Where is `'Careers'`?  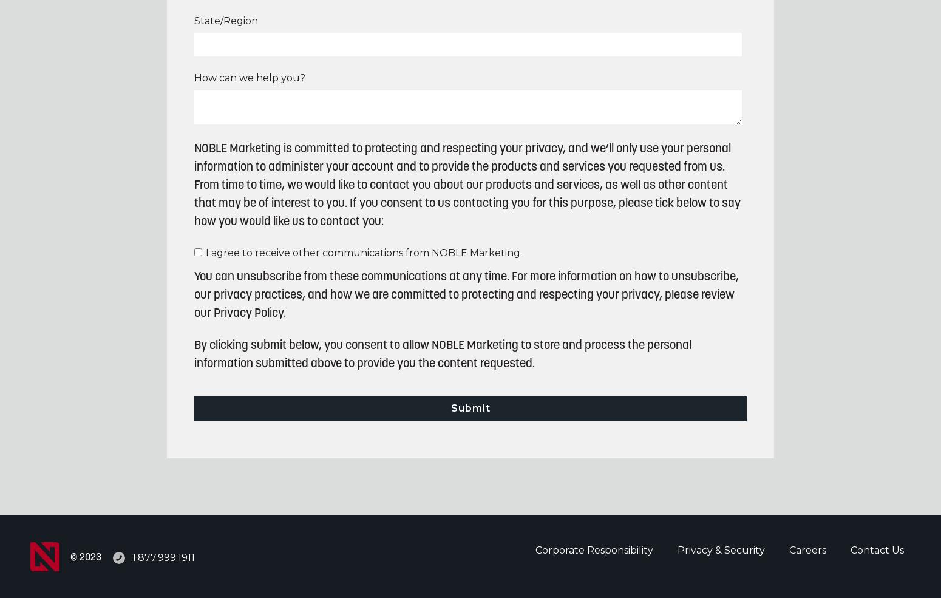 'Careers' is located at coordinates (807, 549).